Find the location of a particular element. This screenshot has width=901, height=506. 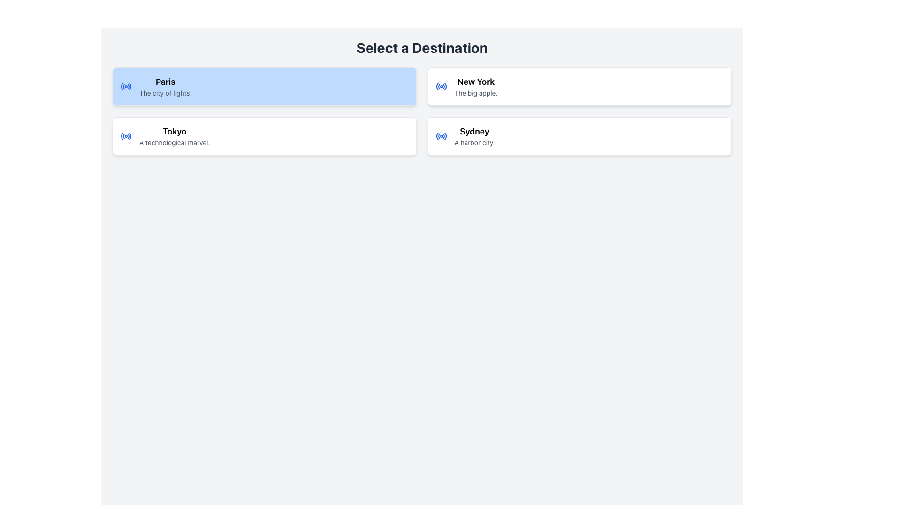

the text block displaying the name and description of the first city option, 'Paris', which is positioned at the top of the section labeled 'Select a Destination' in the vertical list of city cards is located at coordinates (165, 87).